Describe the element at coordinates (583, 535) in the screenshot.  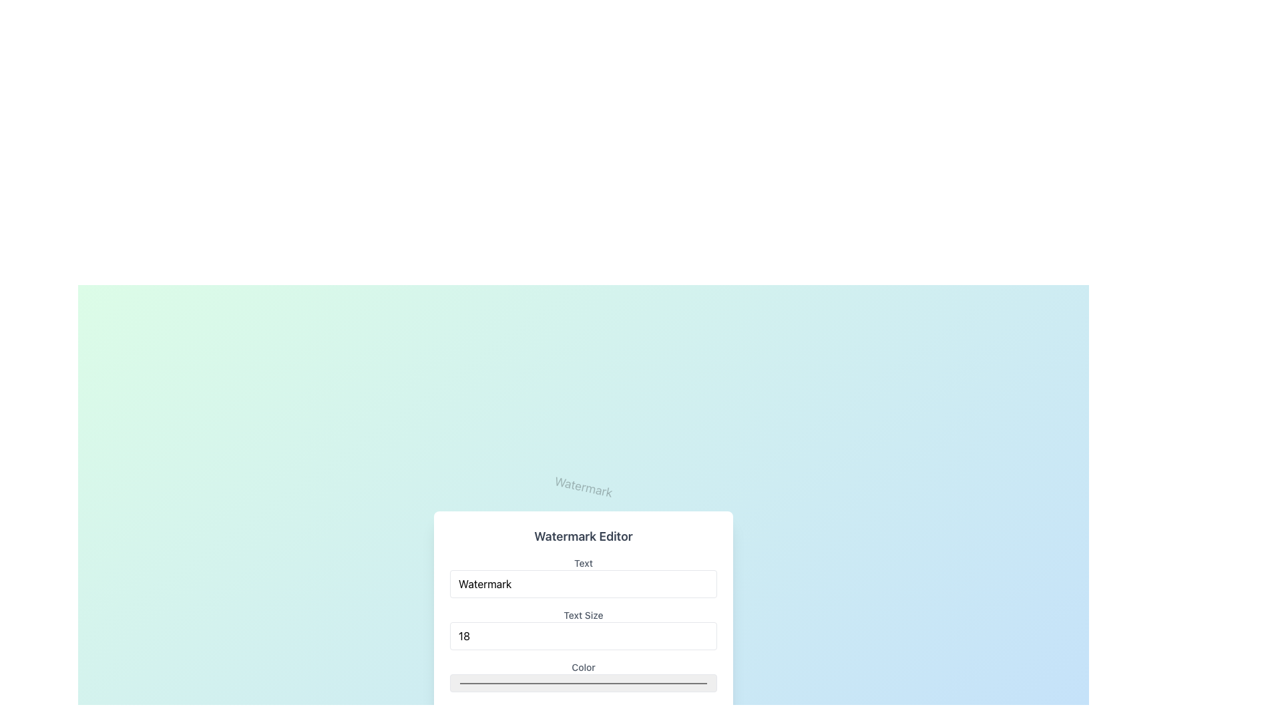
I see `the static text label displaying 'Watermark Editor' which is bold and large, located at the top of its section` at that location.